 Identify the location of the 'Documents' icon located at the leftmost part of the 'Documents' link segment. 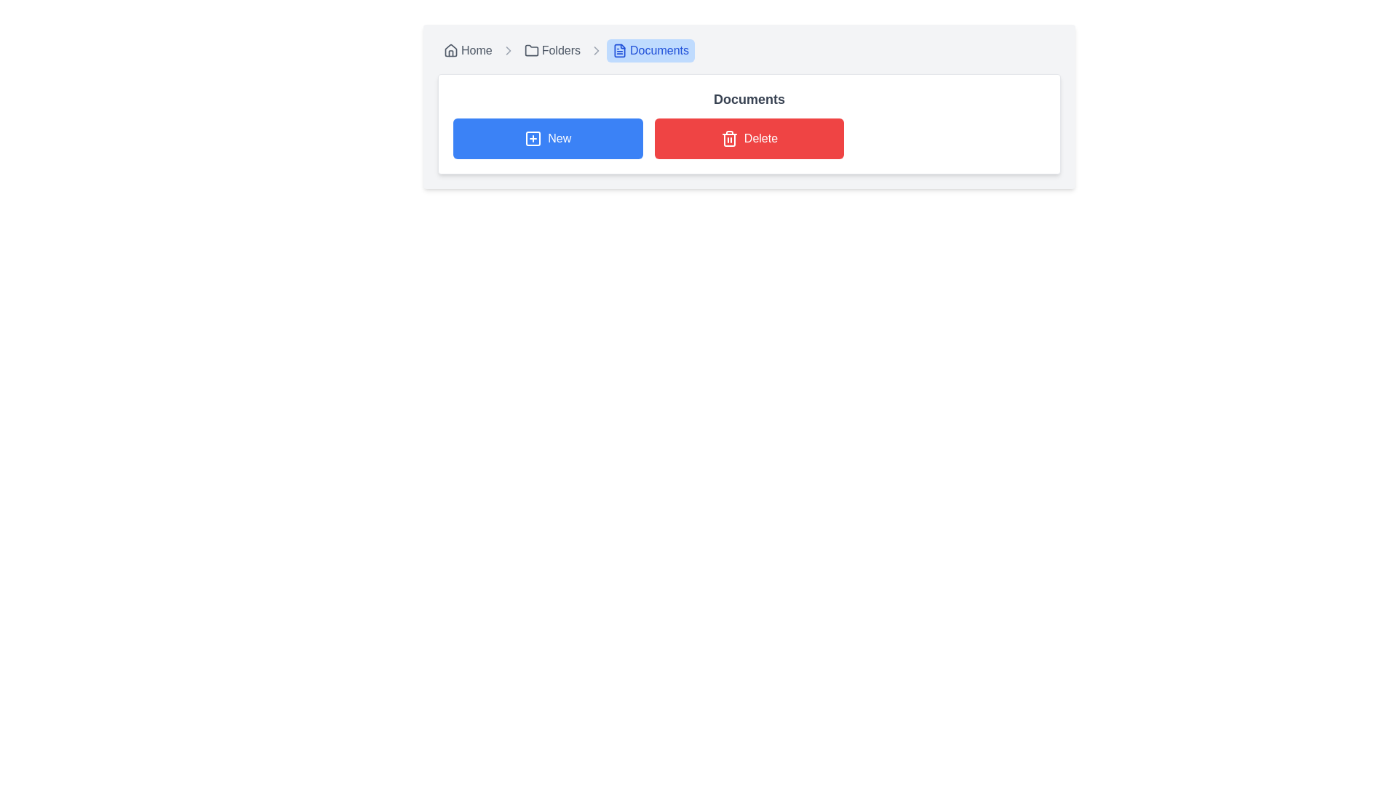
(620, 49).